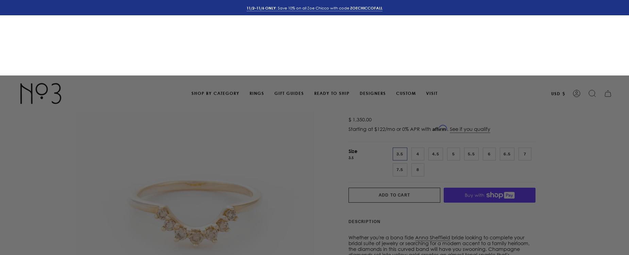 Image resolution: width=629 pixels, height=255 pixels. Describe the element at coordinates (489, 78) in the screenshot. I see `'6'` at that location.